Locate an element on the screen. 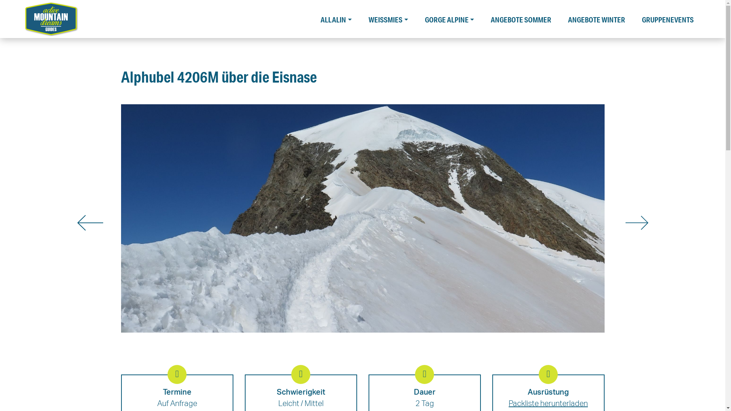 Image resolution: width=731 pixels, height=411 pixels. 'ANGEBOTE SOMMER' is located at coordinates (520, 17).